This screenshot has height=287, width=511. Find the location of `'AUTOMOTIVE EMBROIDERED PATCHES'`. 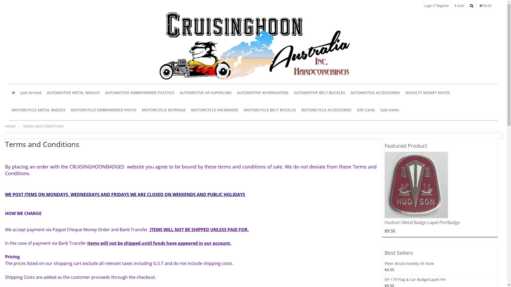

'AUTOMOTIVE EMBROIDERED PATCHES' is located at coordinates (139, 92).